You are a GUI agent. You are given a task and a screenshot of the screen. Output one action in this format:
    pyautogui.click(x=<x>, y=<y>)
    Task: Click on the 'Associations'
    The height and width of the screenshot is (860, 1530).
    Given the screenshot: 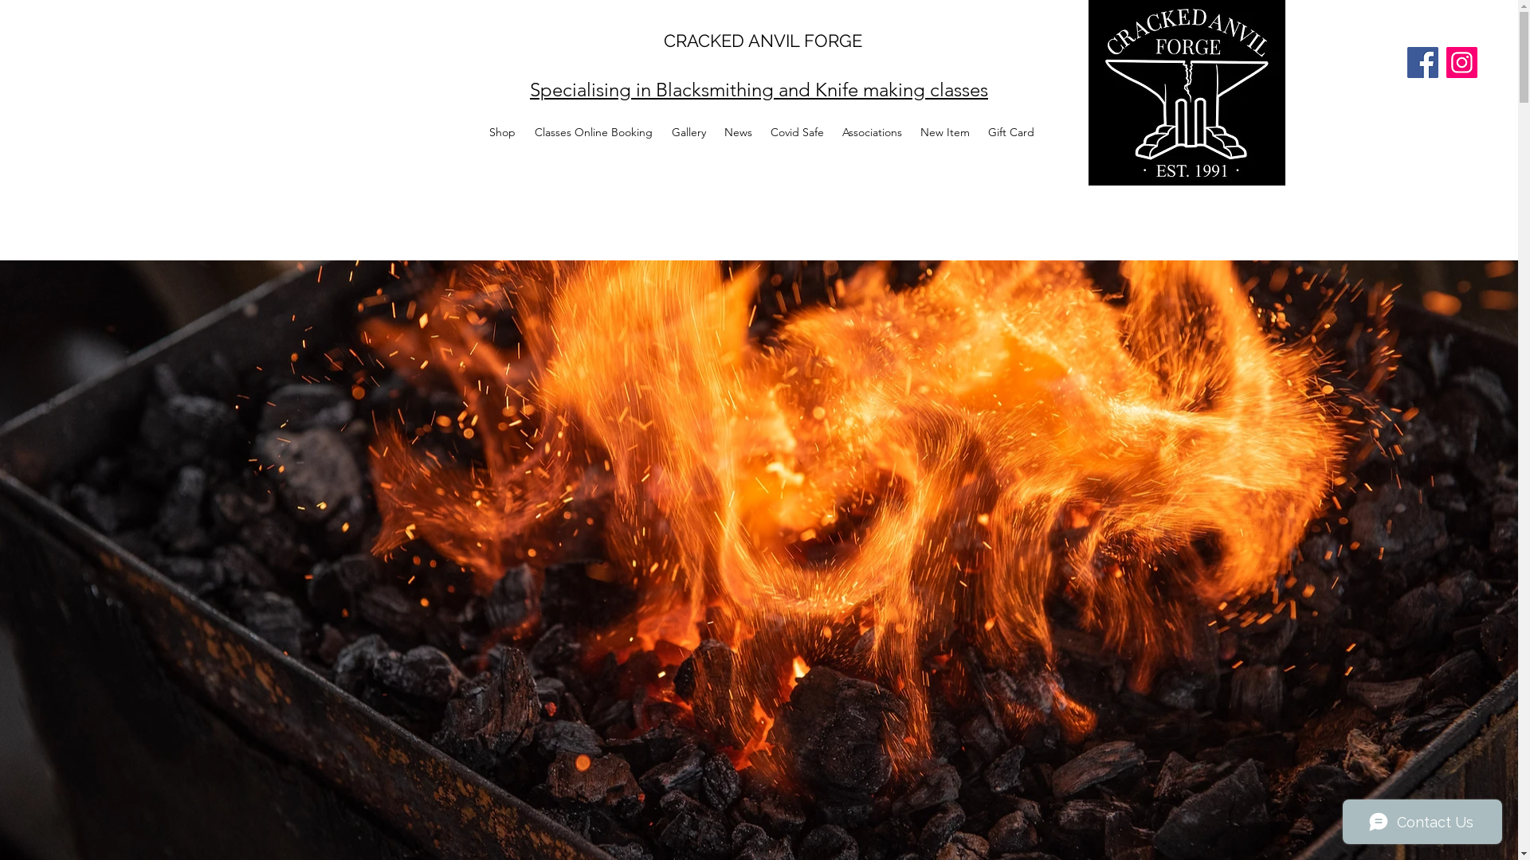 What is the action you would take?
    pyautogui.click(x=871, y=131)
    